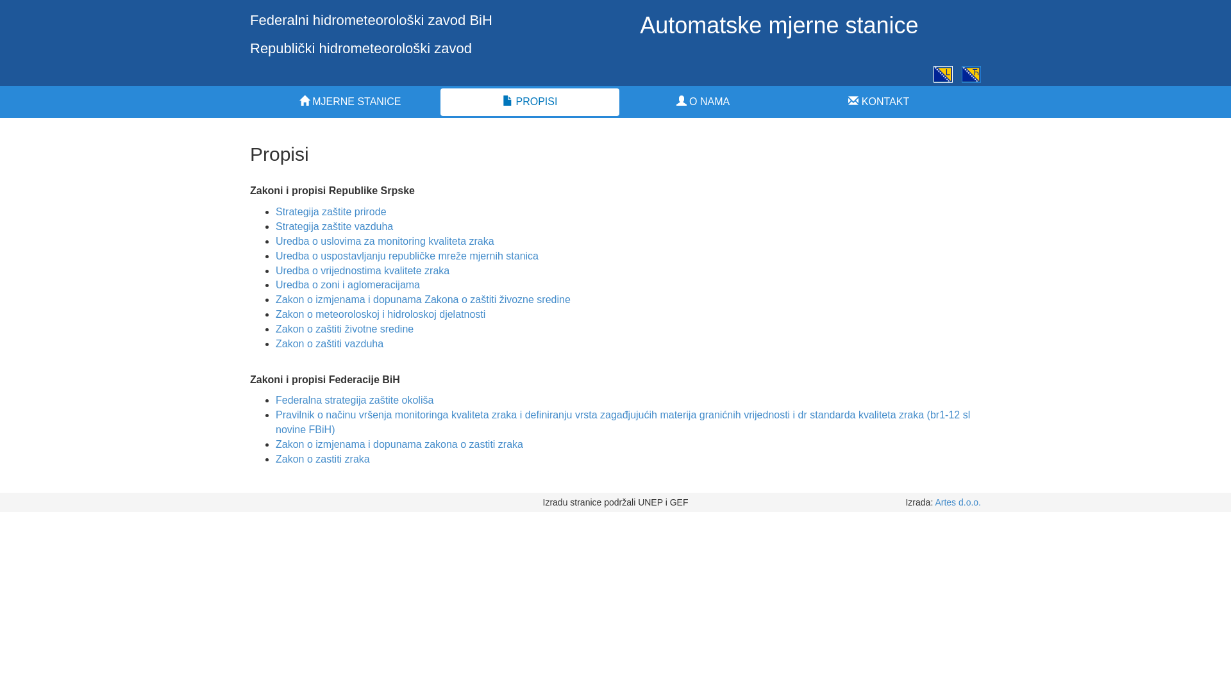 The width and height of the screenshot is (1231, 692). I want to click on 'Uredba o vrijednostima kvalitete zraka', so click(362, 270).